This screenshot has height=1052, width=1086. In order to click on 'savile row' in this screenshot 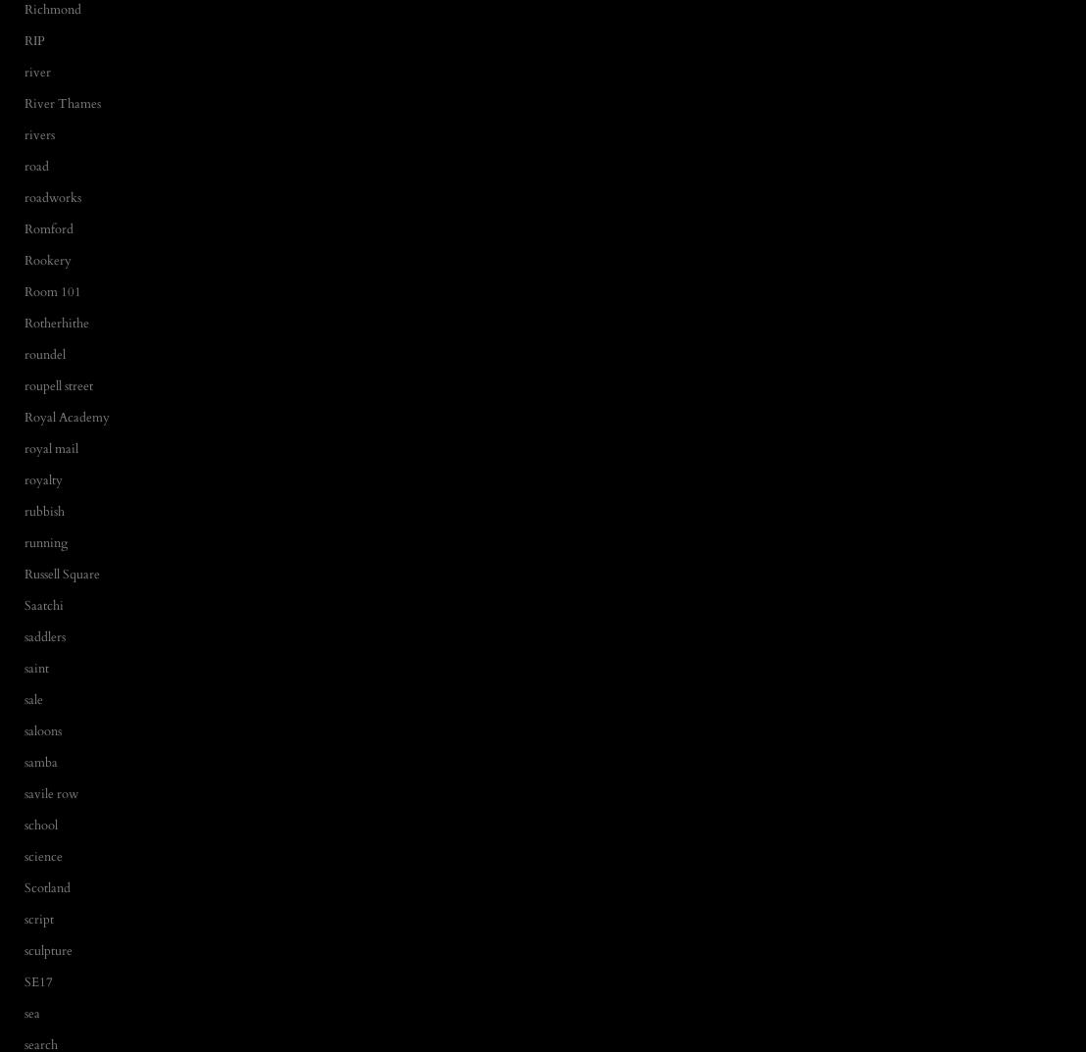, I will do `click(25, 793)`.